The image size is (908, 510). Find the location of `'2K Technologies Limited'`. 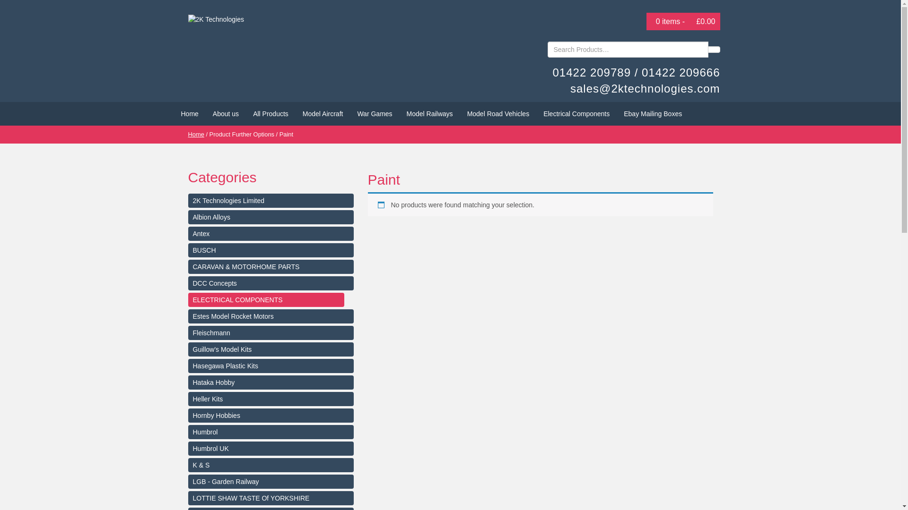

'2K Technologies Limited' is located at coordinates (270, 200).